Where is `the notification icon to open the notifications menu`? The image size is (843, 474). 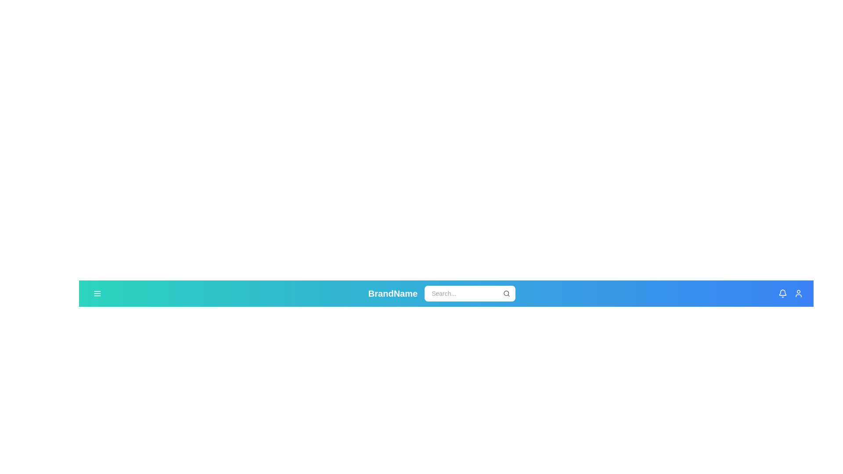
the notification icon to open the notifications menu is located at coordinates (782, 293).